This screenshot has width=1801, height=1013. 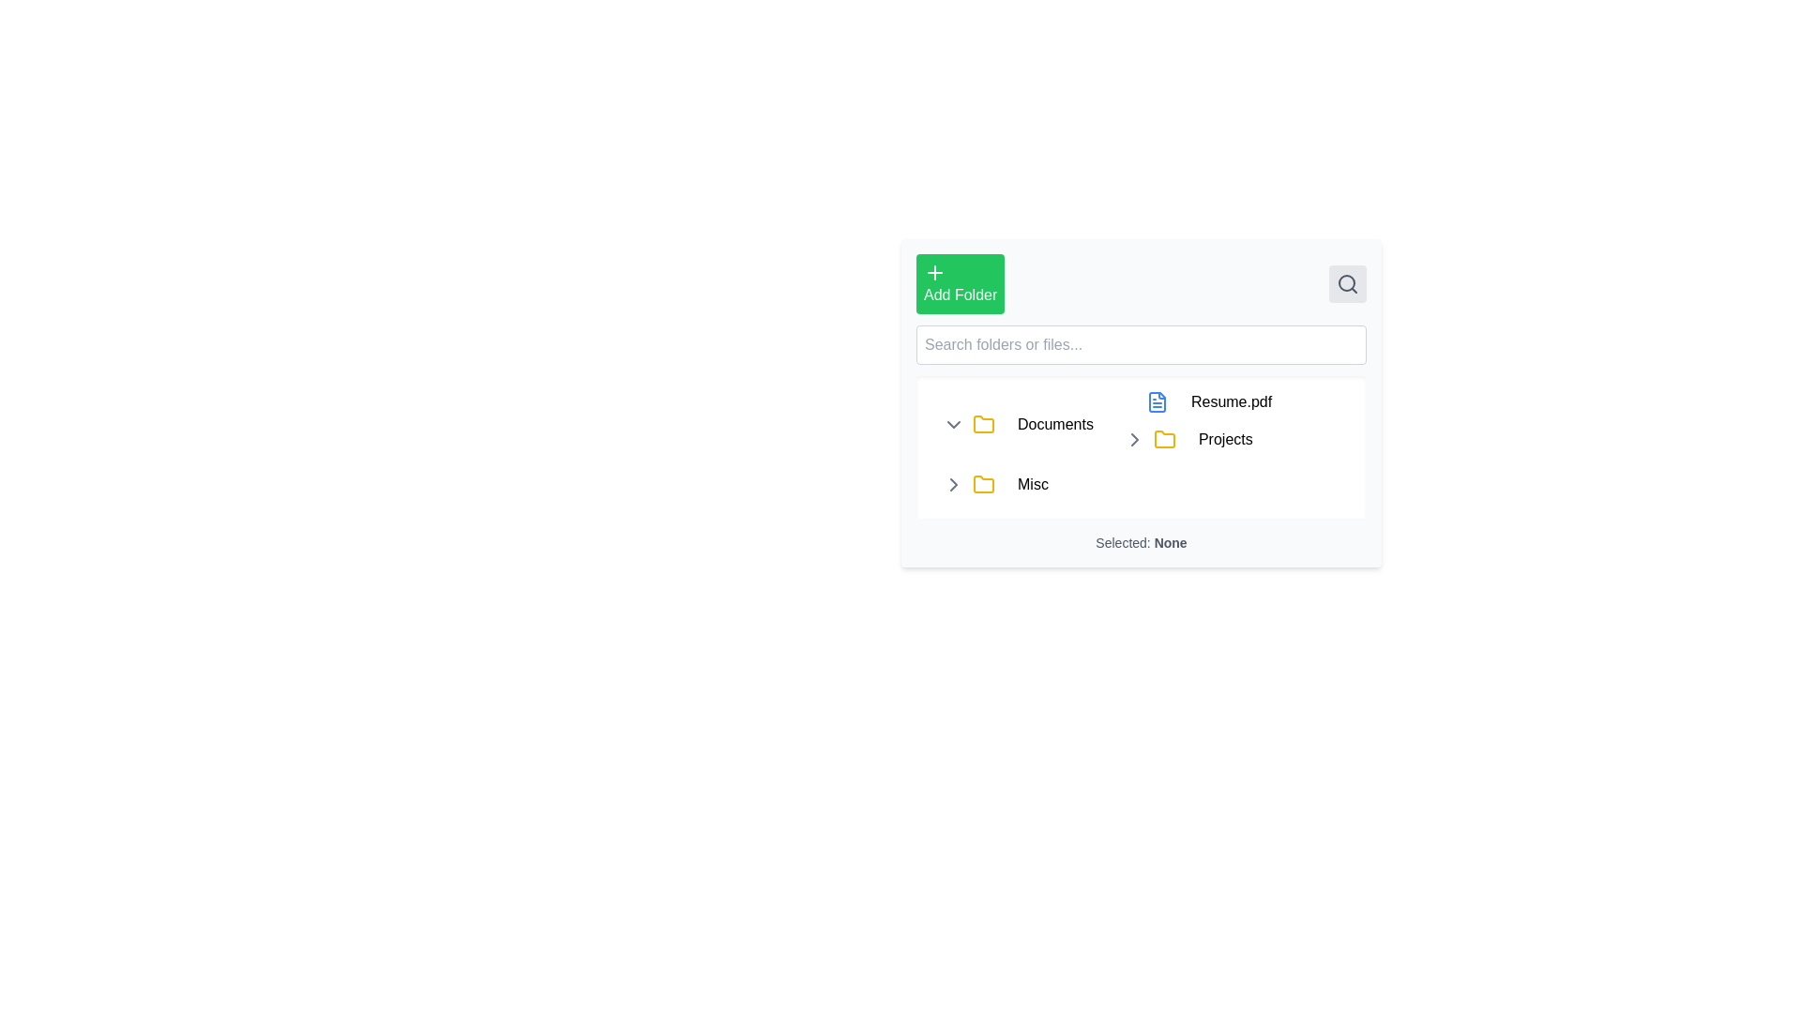 I want to click on the toggle button located to the left of the 'Documents' label, so click(x=954, y=424).